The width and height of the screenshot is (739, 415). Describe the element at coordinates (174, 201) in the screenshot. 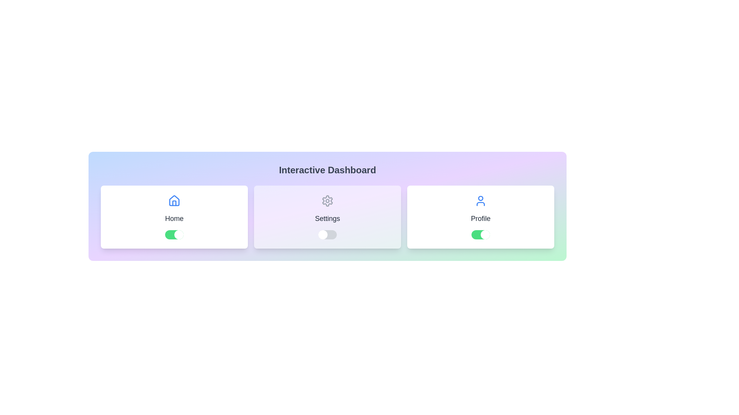

I see `the icon representing the Home option` at that location.